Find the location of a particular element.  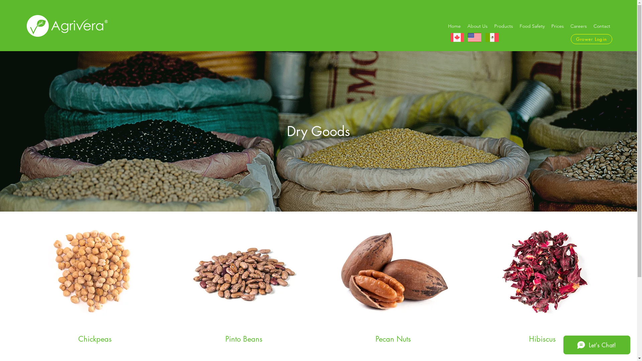

'About Us' is located at coordinates (477, 25).